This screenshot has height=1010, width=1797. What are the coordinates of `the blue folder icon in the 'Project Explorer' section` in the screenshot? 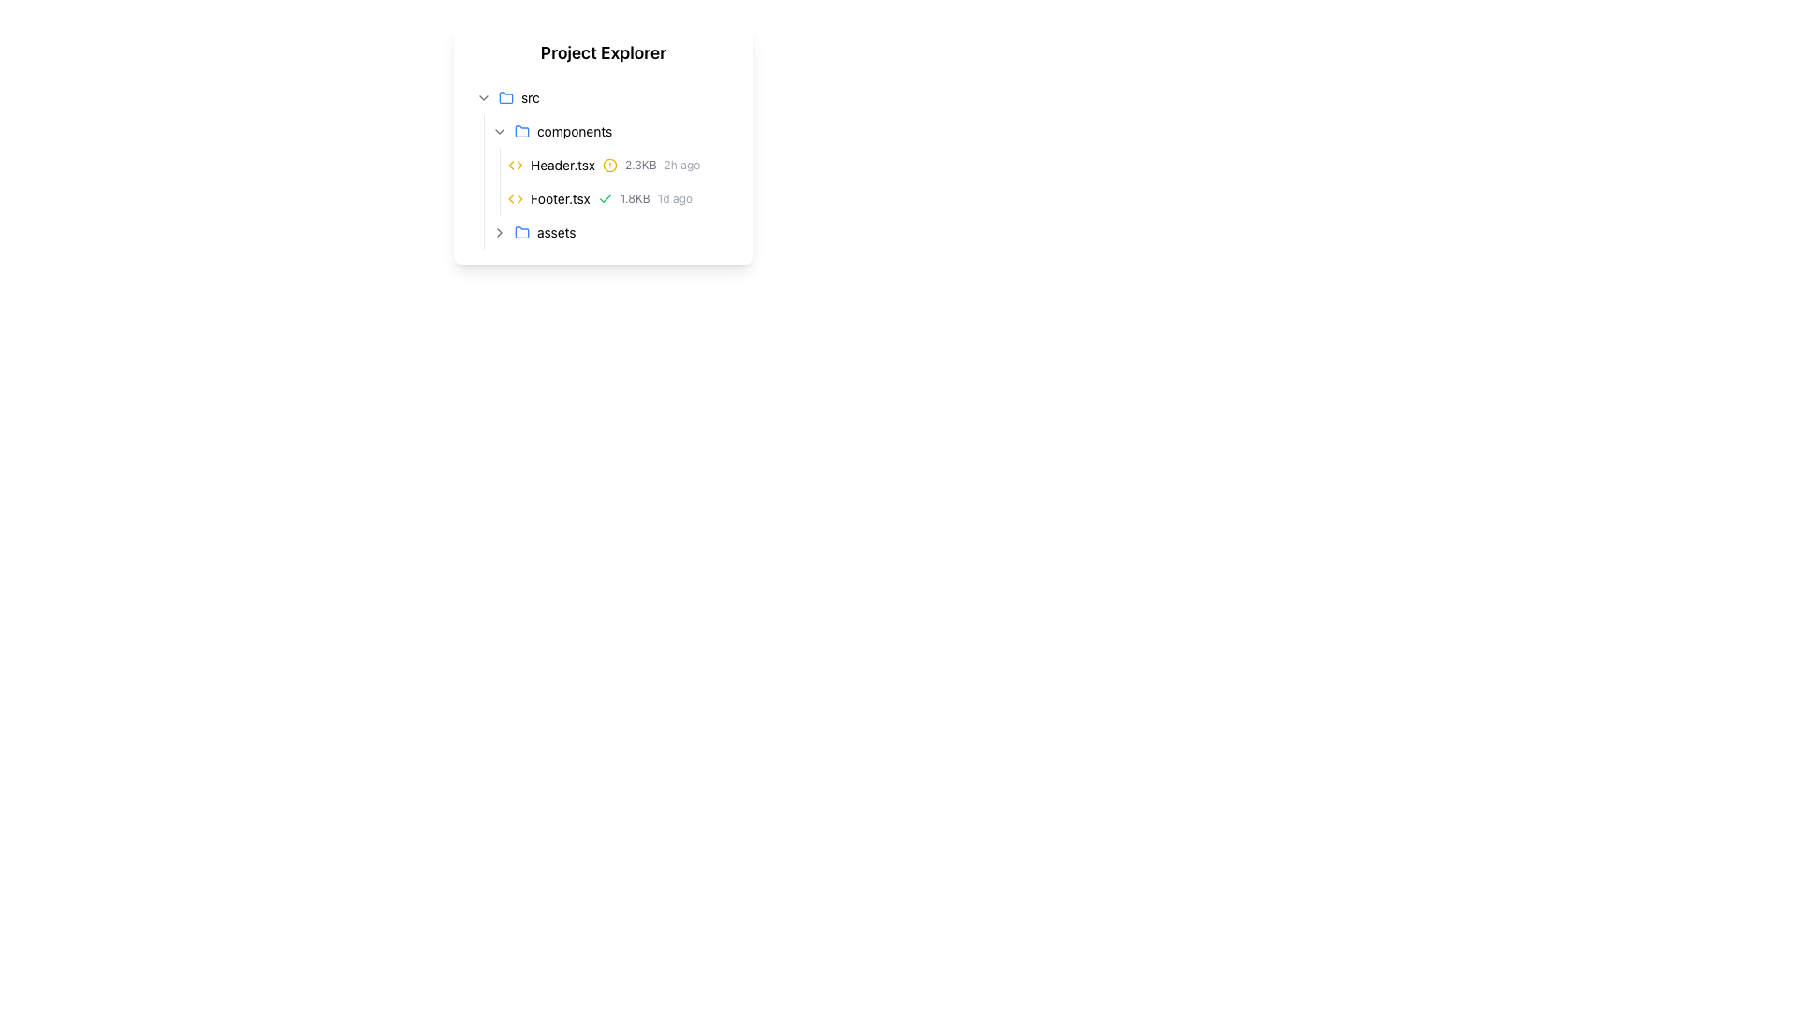 It's located at (521, 129).